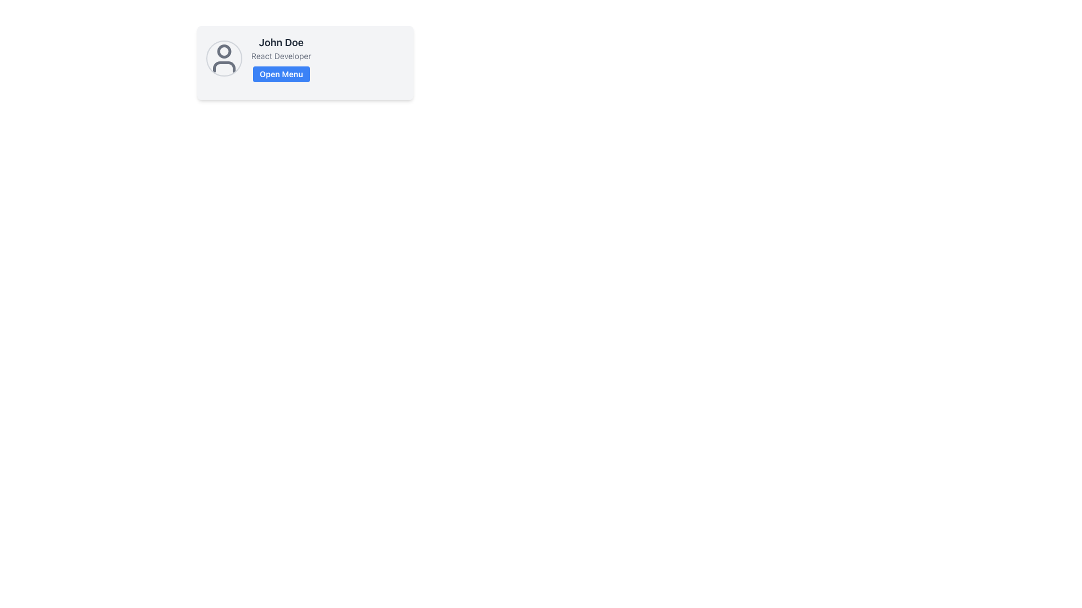 The image size is (1082, 608). I want to click on the small circle located at the top center of the user profile icon within the user card widget, so click(224, 51).